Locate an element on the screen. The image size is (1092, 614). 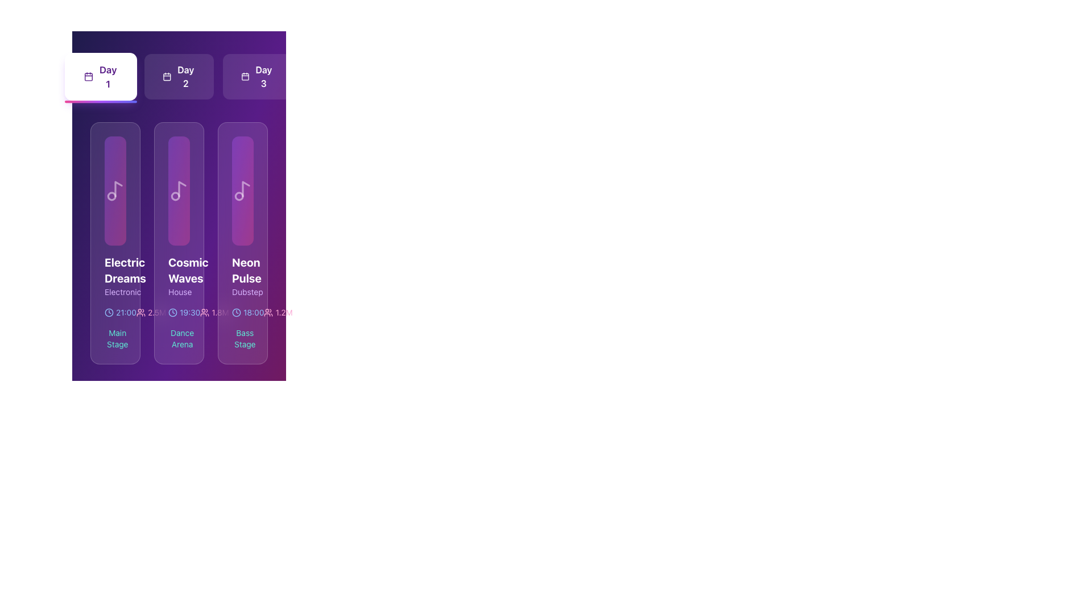
the 'Electric Dreams' text label, which features bold white text and is situated in a purple background within the 'Day 1' schedule section is located at coordinates (115, 276).